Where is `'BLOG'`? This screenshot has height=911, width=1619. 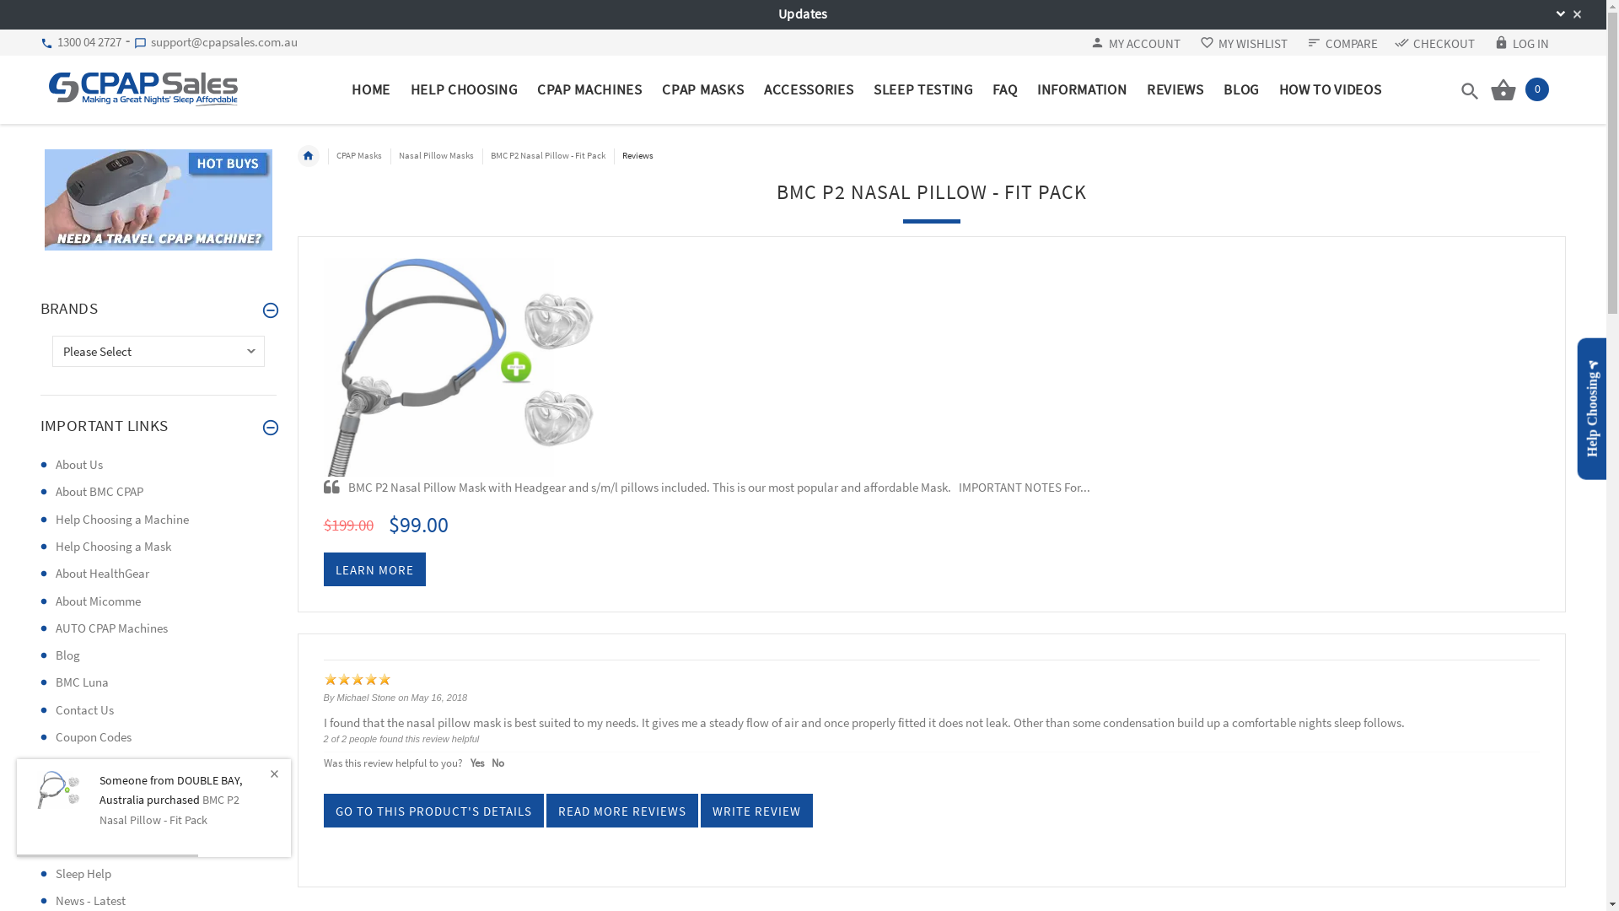
'BLOG' is located at coordinates (1241, 89).